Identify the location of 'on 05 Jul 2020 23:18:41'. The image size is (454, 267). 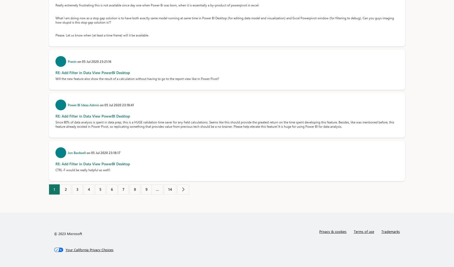
(99, 105).